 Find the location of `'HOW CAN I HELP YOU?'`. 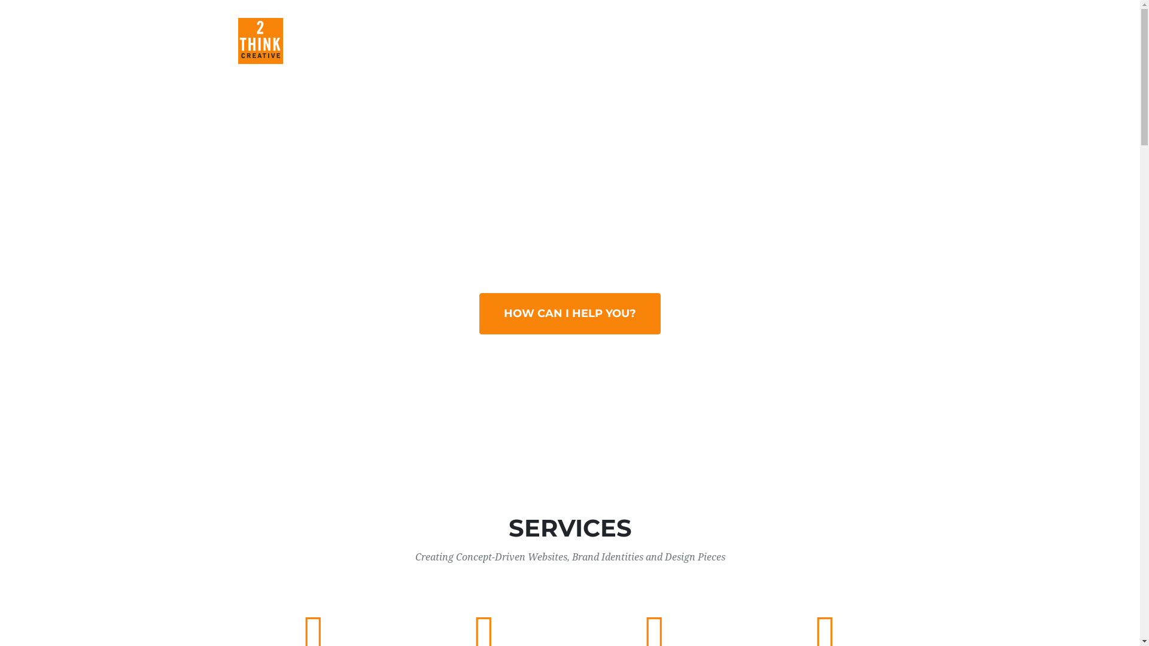

'HOW CAN I HELP YOU?' is located at coordinates (479, 313).